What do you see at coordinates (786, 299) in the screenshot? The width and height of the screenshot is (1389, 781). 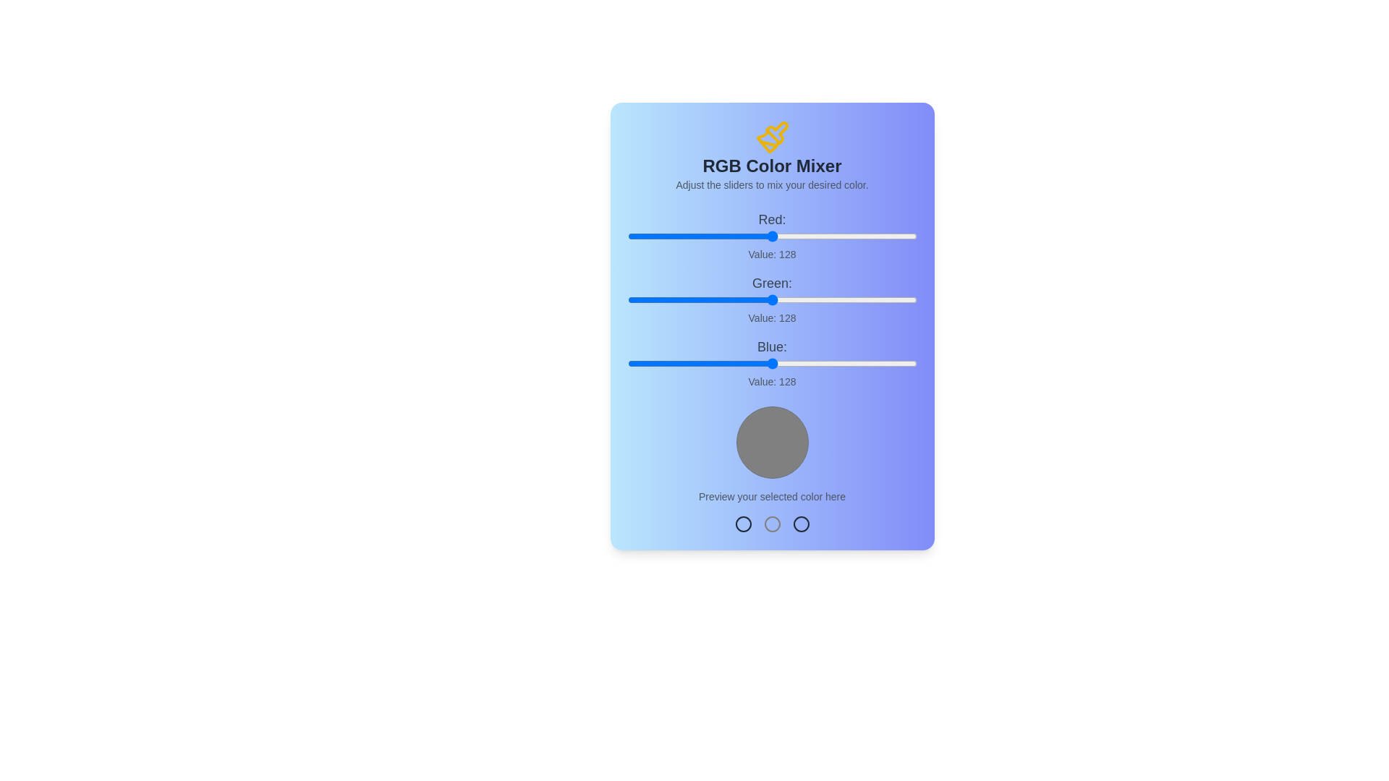 I see `the green slider to set the green value to 140` at bounding box center [786, 299].